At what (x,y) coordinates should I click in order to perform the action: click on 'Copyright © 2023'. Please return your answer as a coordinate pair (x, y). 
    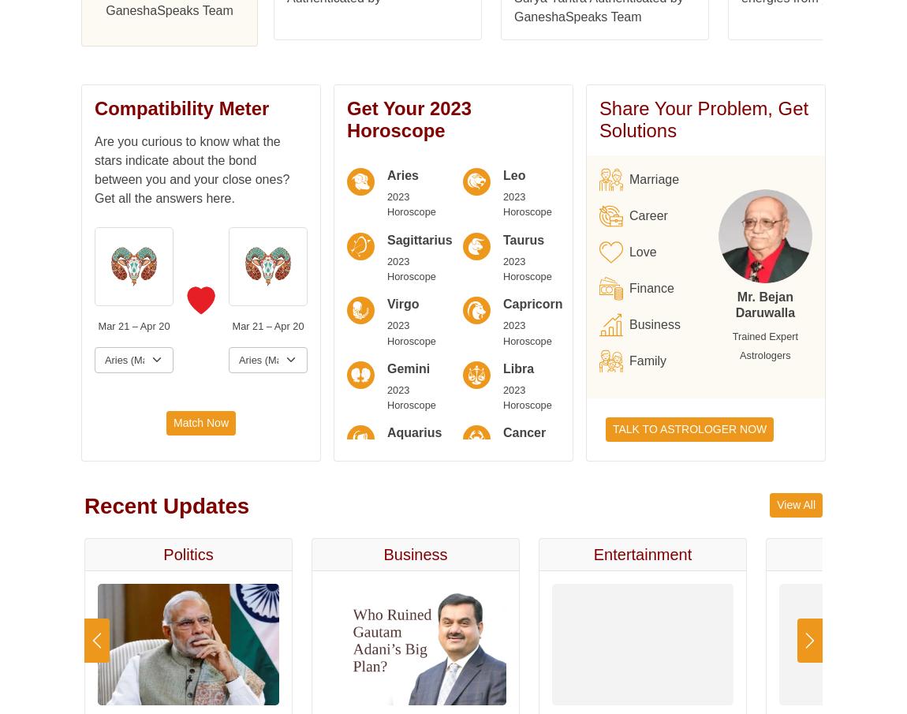
    Looking at the image, I should click on (291, 151).